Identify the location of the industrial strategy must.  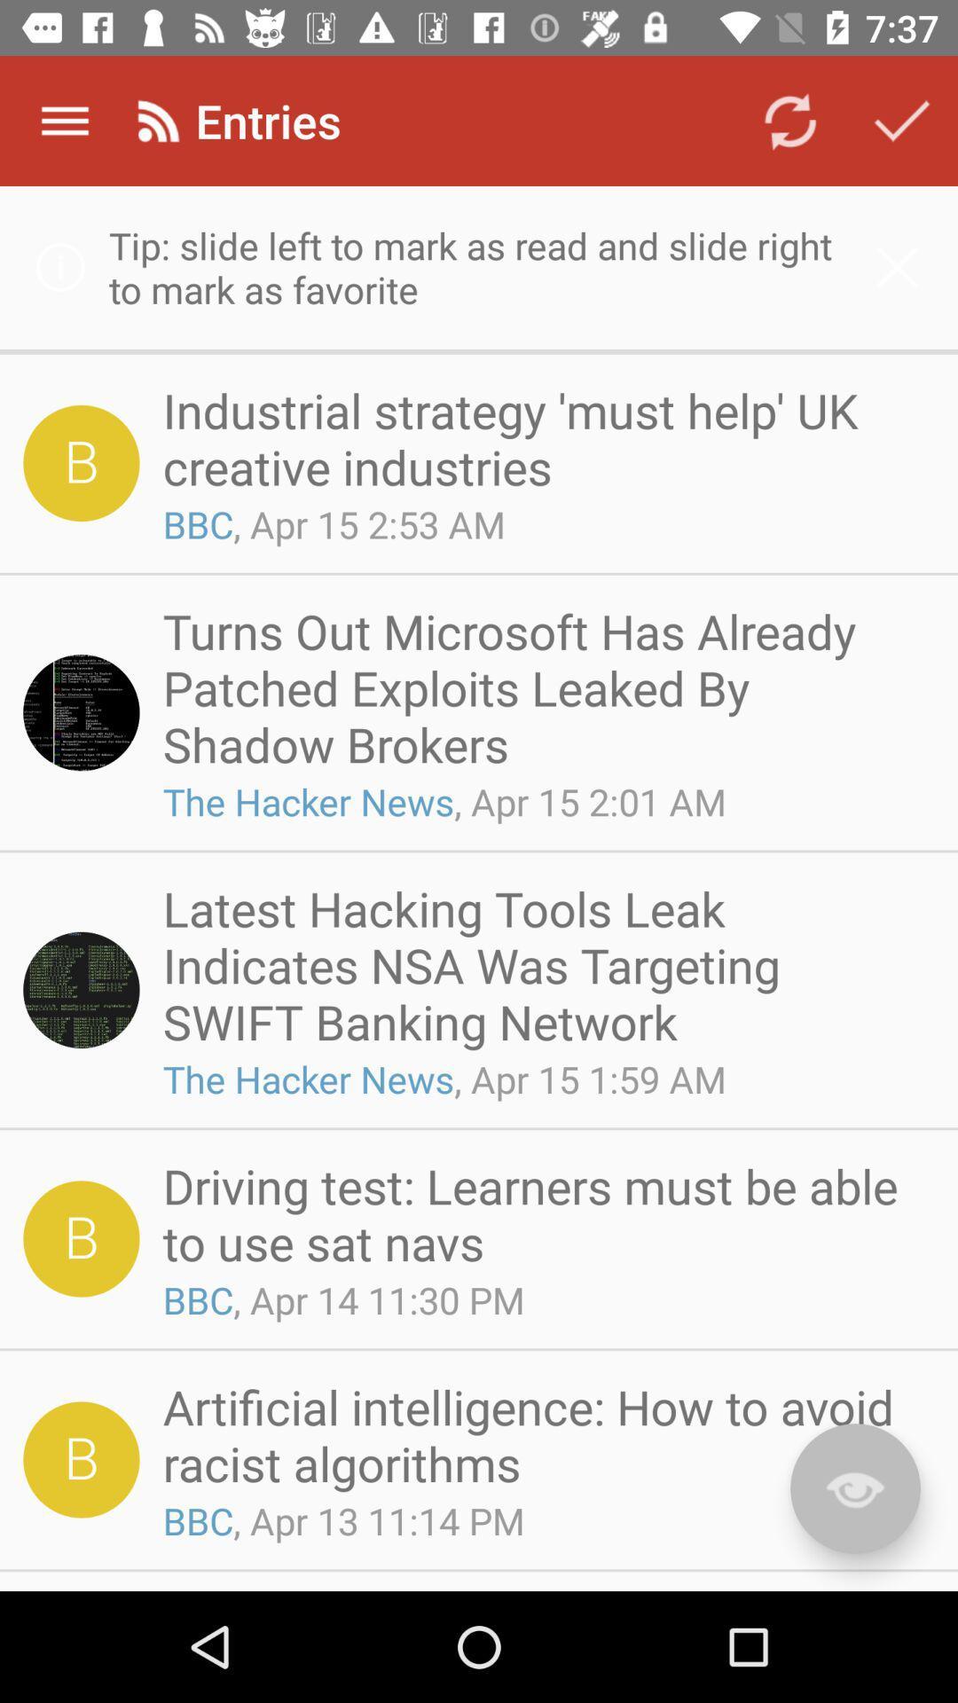
(542, 438).